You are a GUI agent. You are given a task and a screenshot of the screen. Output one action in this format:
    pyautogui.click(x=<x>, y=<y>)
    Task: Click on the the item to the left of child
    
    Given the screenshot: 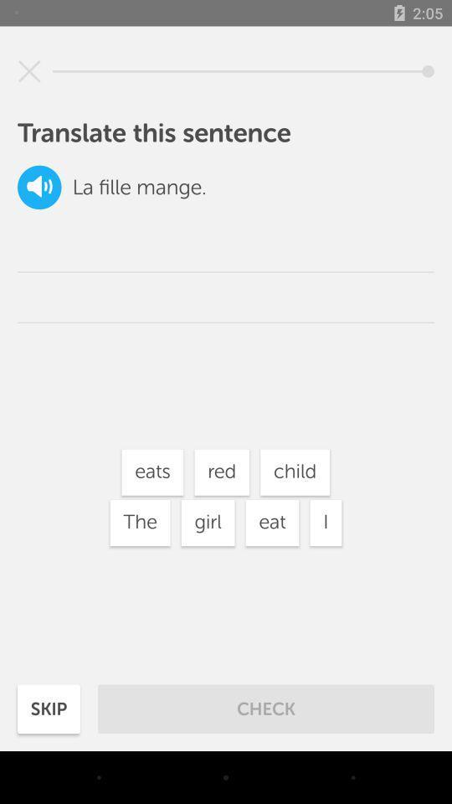 What is the action you would take?
    pyautogui.click(x=222, y=472)
    